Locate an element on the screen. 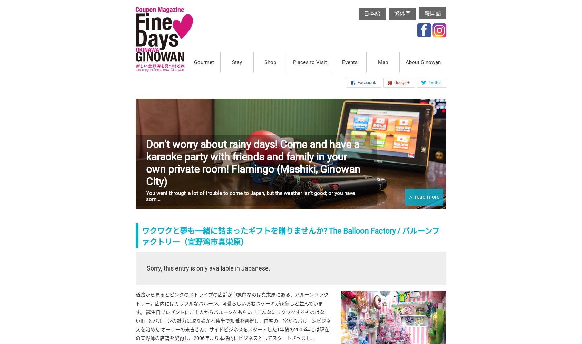 This screenshot has width=582, height=344. 'Google+' is located at coordinates (401, 82).